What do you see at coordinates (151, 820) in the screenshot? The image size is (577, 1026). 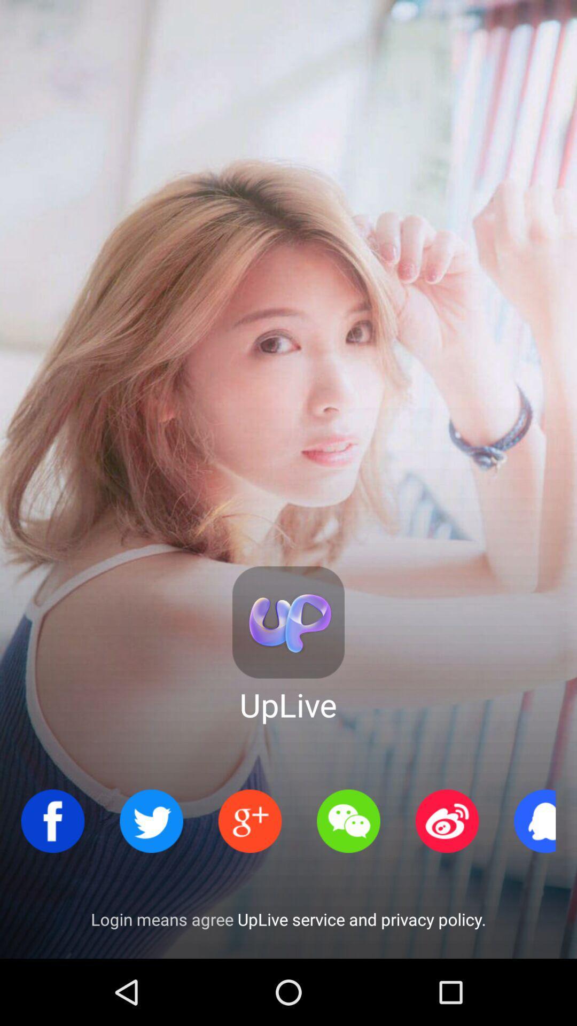 I see `the twitter icon` at bounding box center [151, 820].